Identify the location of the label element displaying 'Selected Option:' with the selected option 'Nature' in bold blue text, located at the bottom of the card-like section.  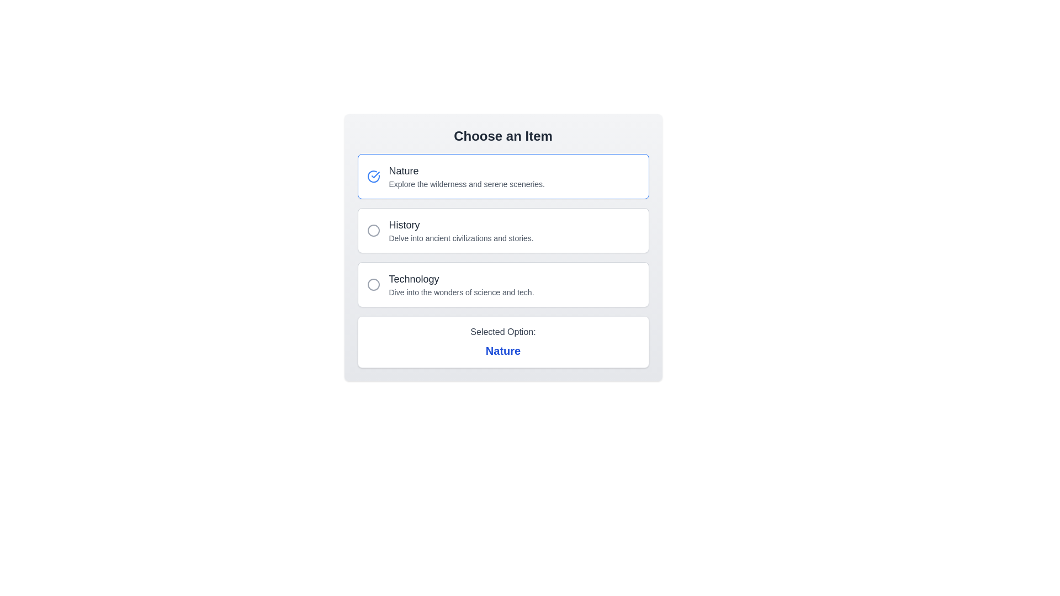
(502, 342).